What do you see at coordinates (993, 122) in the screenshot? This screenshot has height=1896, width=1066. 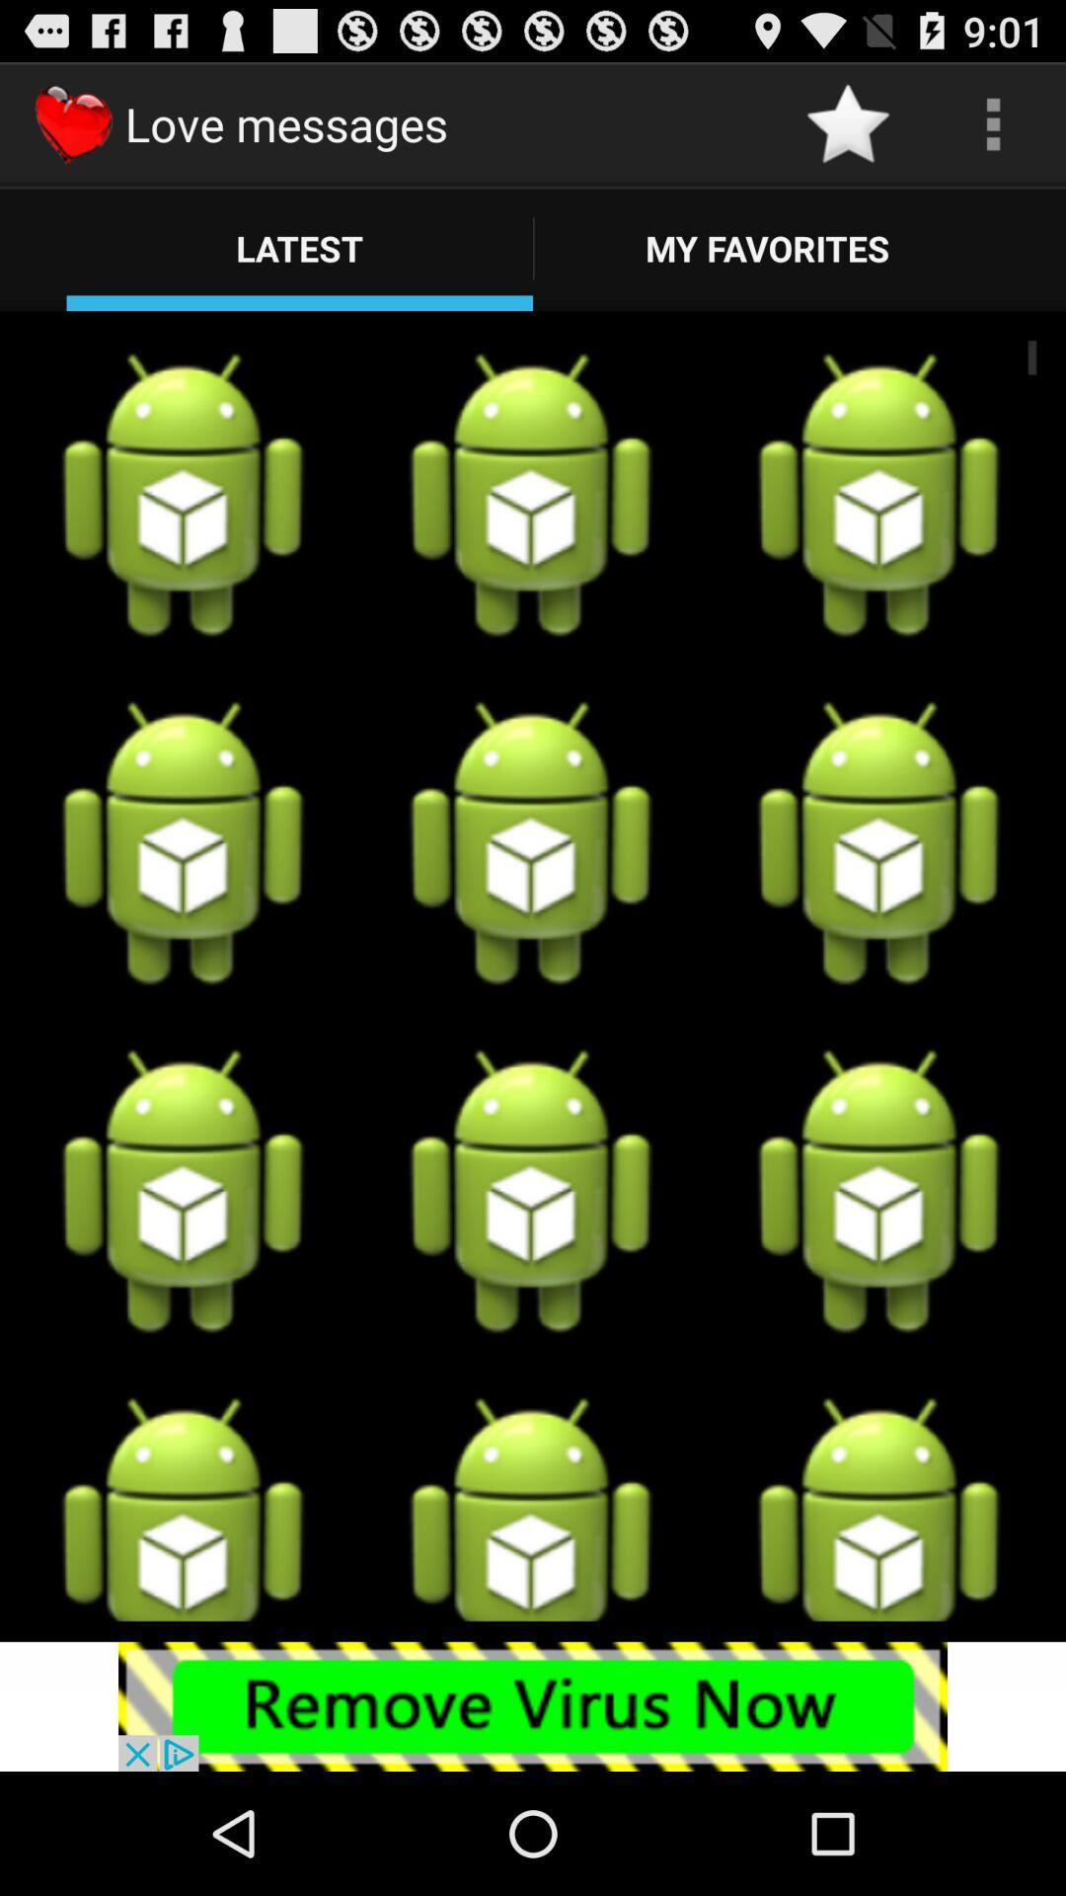 I see `see menu` at bounding box center [993, 122].